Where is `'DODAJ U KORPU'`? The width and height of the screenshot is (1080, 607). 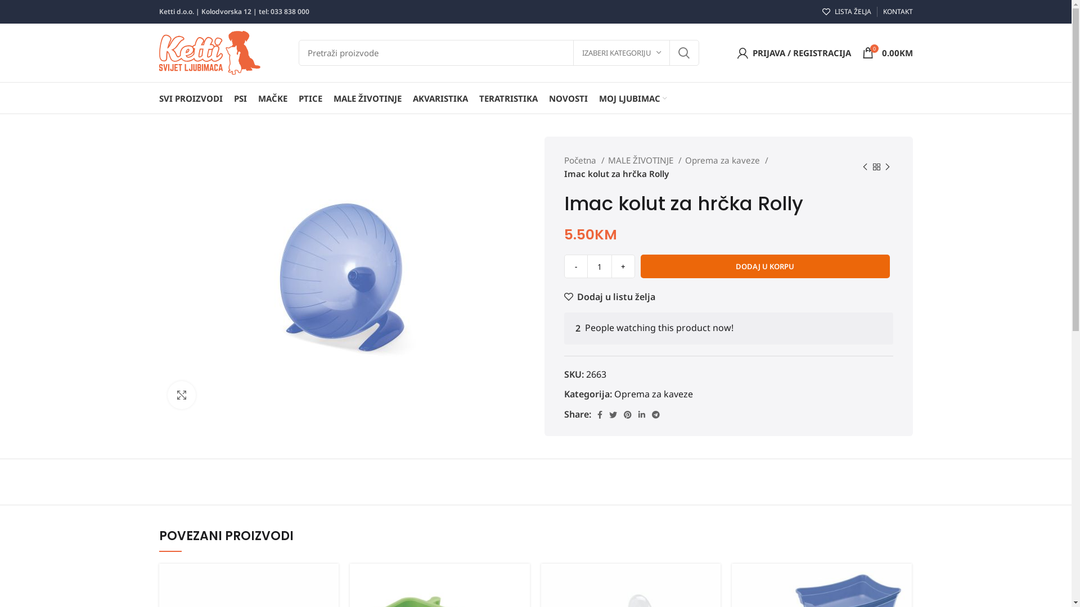 'DODAJ U KORPU' is located at coordinates (764, 266).